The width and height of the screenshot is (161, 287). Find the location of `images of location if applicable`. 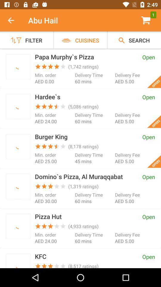

images of location if applicable is located at coordinates (18, 106).